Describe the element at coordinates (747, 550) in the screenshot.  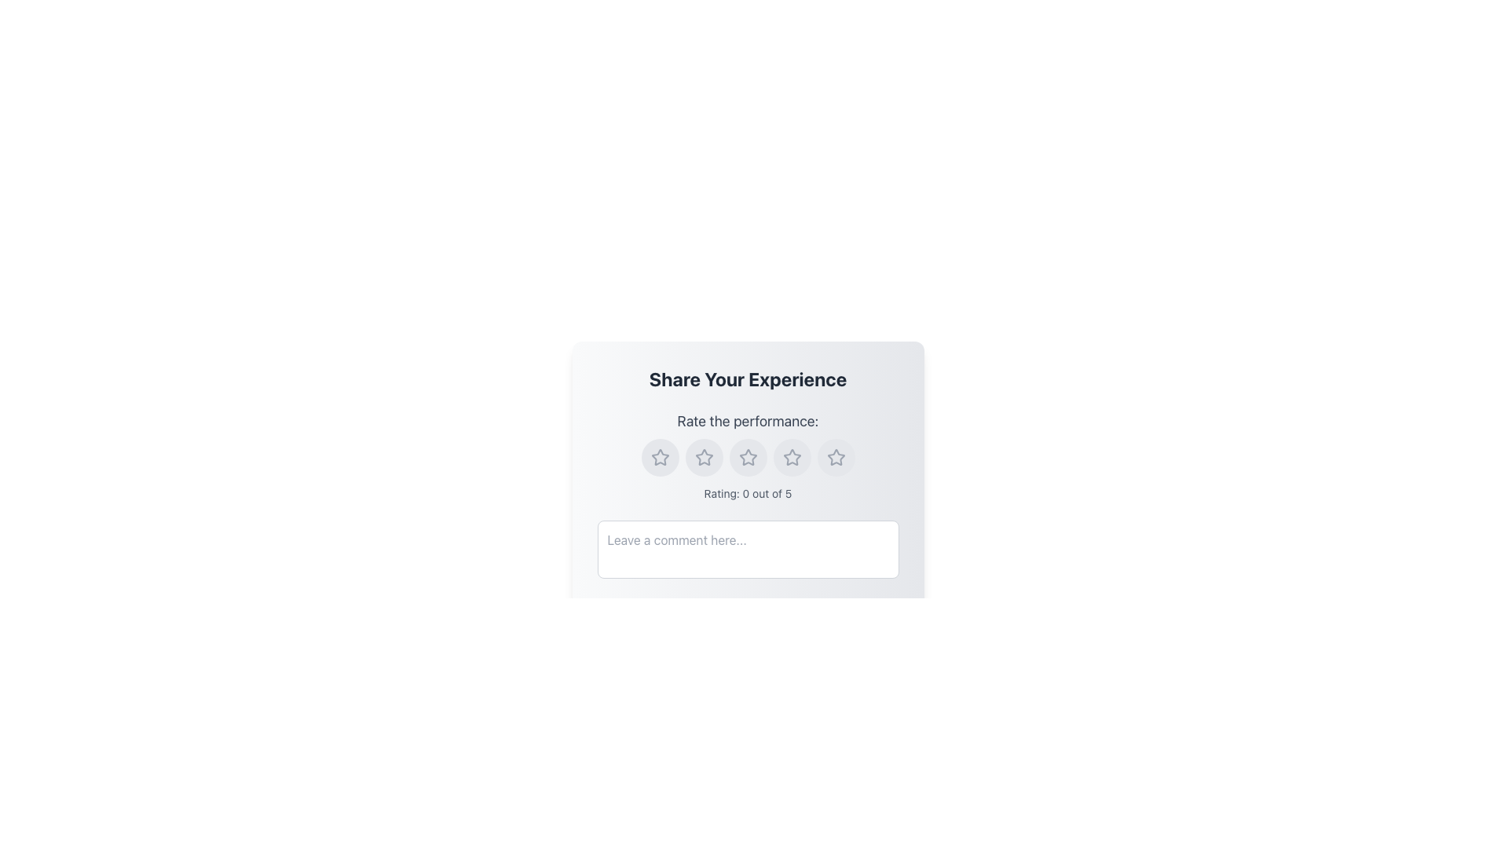
I see `content into the rectangular input field styled with a gray border and rounded corners, located below the star rating section in the feedback input form` at that location.